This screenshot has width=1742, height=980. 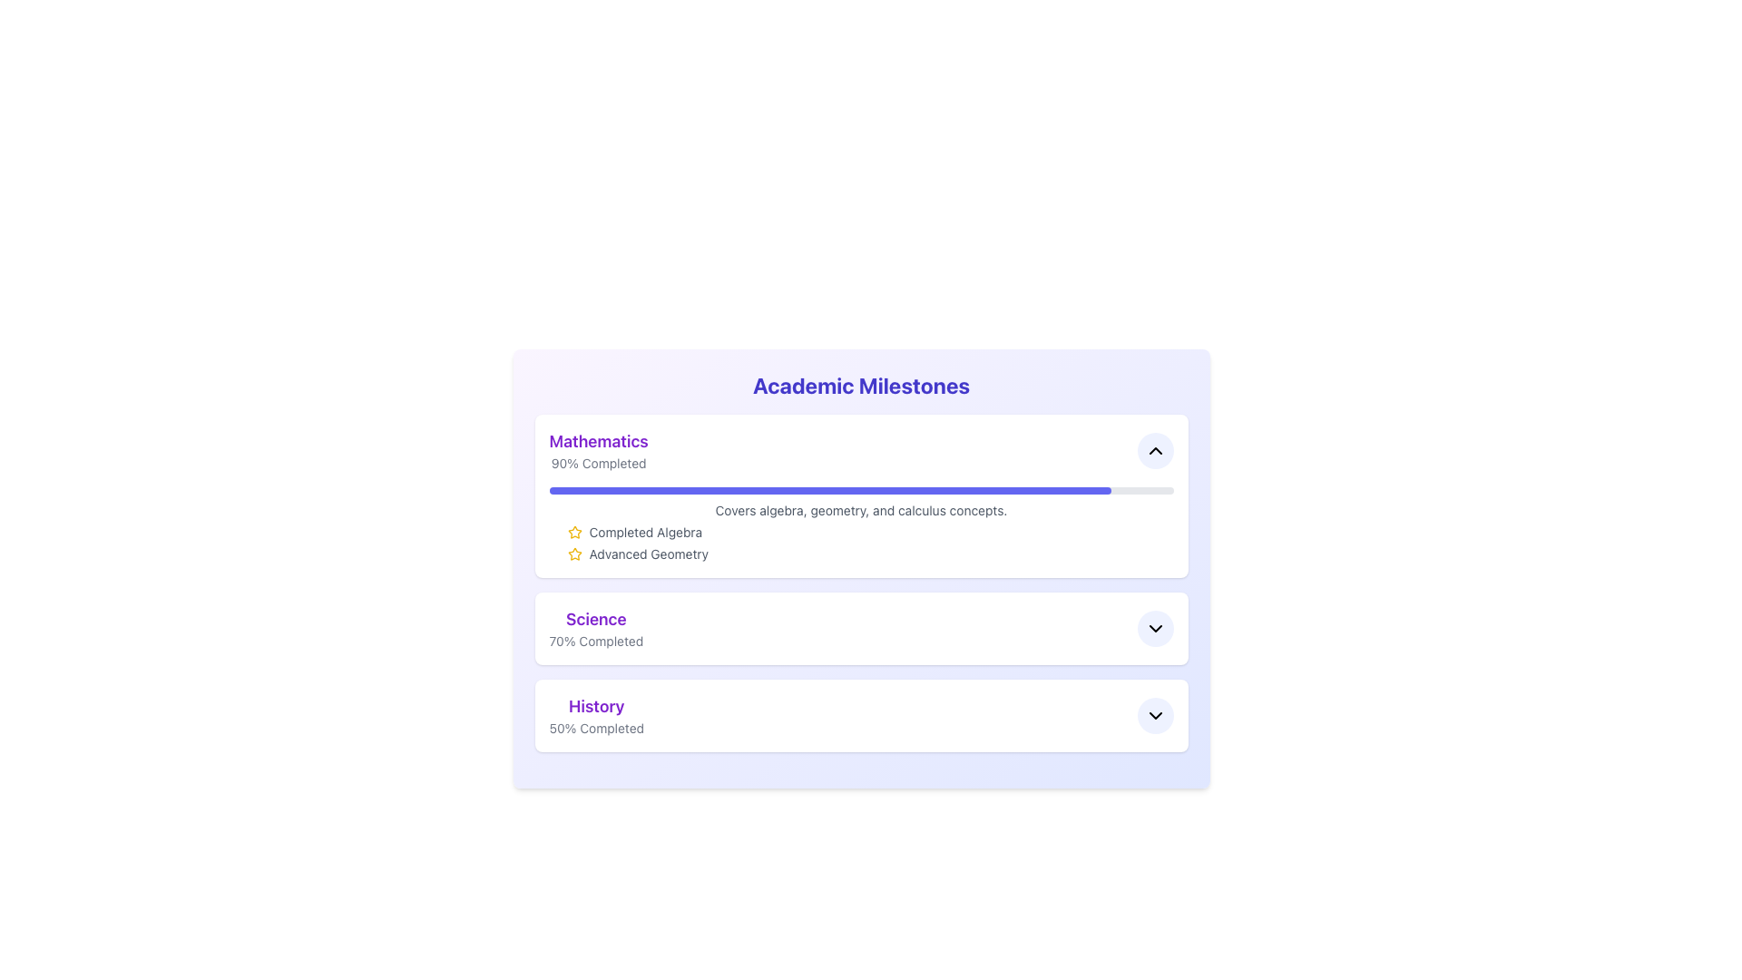 I want to click on the star icon located to the left of the 'Completed Algebra' label, which indicates completion or achievement of a milestone, so click(x=573, y=531).